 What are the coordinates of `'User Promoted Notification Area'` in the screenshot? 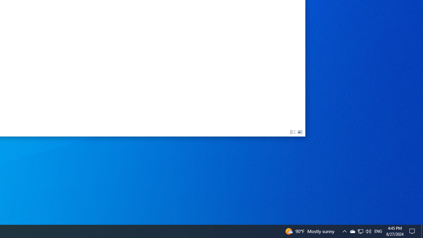 It's located at (360, 231).